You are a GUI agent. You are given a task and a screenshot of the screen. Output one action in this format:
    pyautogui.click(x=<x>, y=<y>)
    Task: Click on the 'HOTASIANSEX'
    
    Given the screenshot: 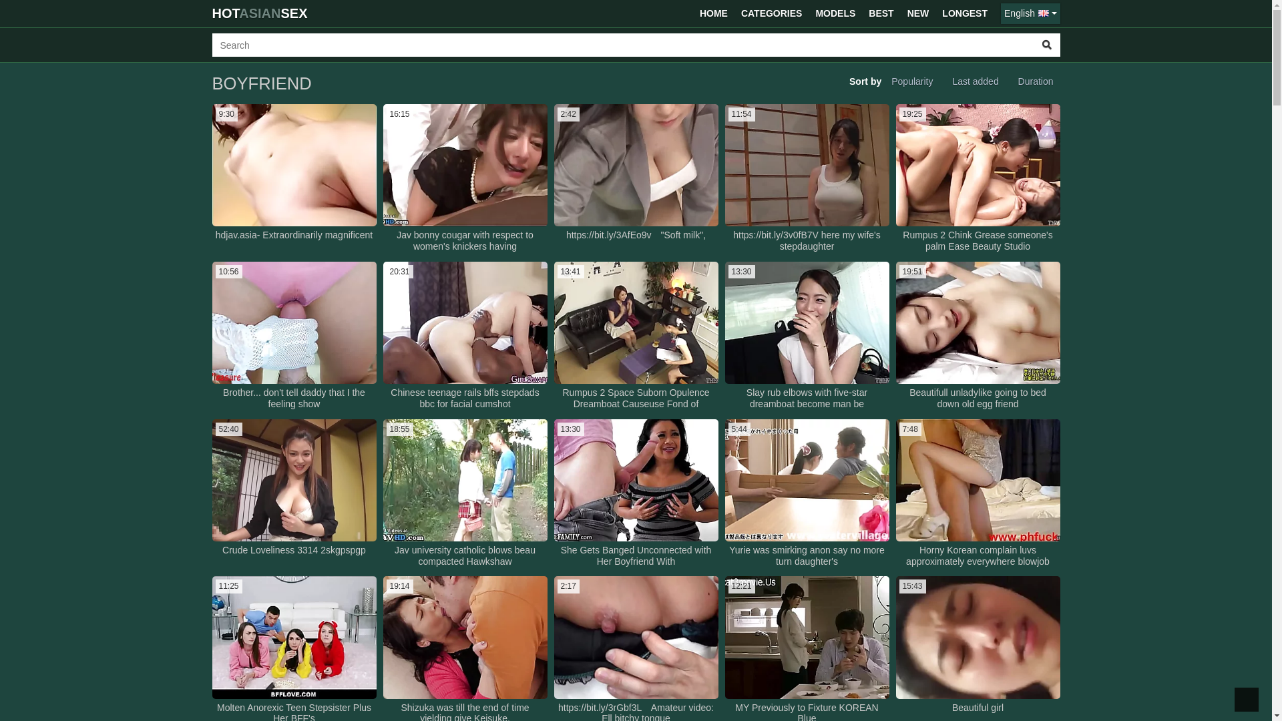 What is the action you would take?
    pyautogui.click(x=260, y=13)
    